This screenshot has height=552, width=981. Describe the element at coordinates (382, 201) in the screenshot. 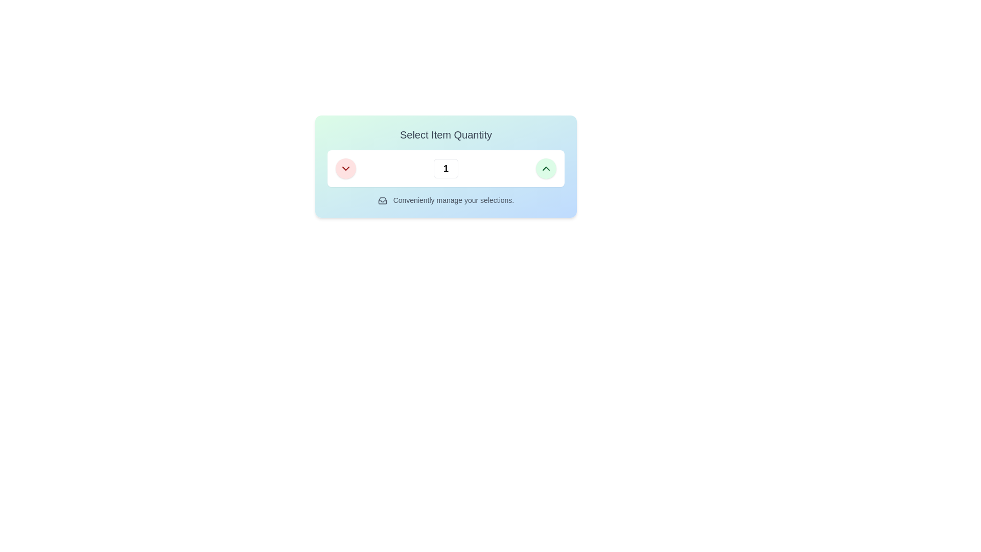

I see `the lower half of the icon component representing an inbox, located underneath the input field in the middle of the interface` at that location.